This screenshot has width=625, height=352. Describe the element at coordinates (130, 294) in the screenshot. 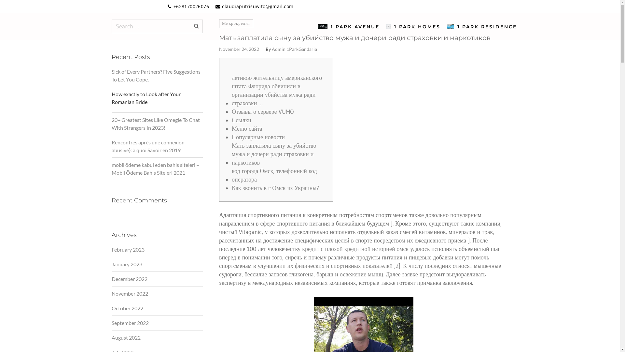

I see `'November 2022'` at that location.